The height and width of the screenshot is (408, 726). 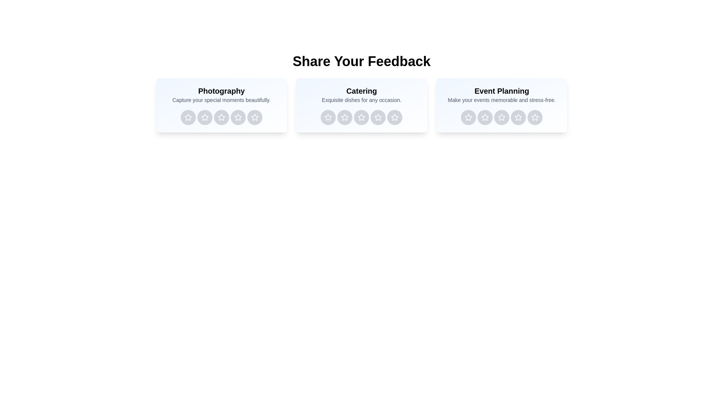 What do you see at coordinates (468, 117) in the screenshot?
I see `the rating button for Event Planning service with 1 stars` at bounding box center [468, 117].